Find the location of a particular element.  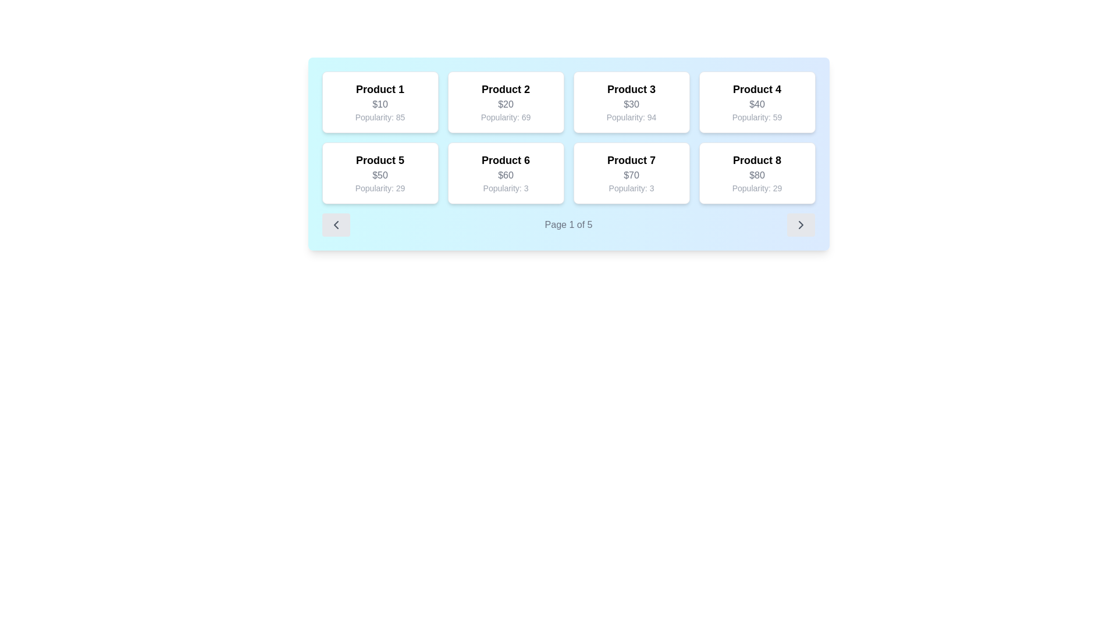

the static text element displaying '$50', which is located in the center of a card layout, under 'Product 5' and above the popularity information is located at coordinates (380, 175).